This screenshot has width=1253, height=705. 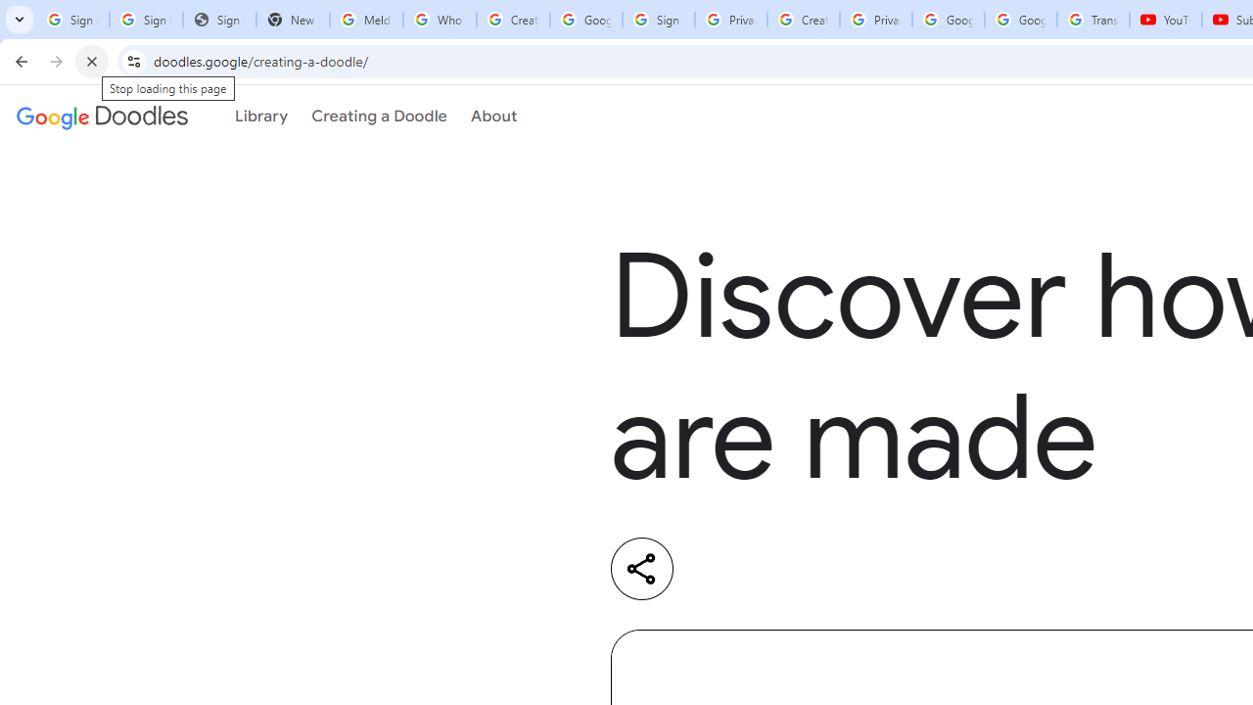 What do you see at coordinates (439, 20) in the screenshot?
I see `'Who is my administrator? - Google Account Help'` at bounding box center [439, 20].